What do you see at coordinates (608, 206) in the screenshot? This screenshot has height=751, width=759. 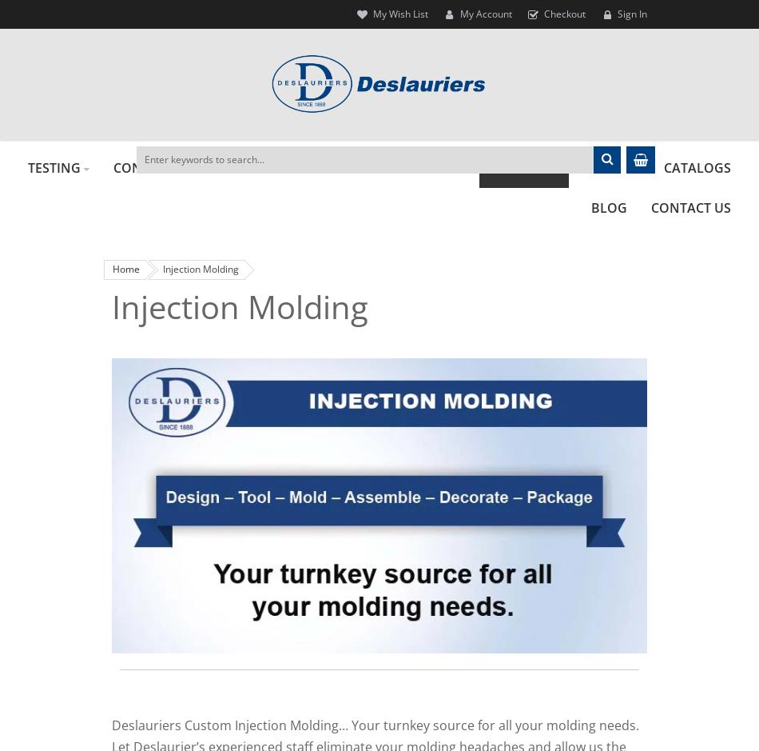 I see `'BLOG'` at bounding box center [608, 206].